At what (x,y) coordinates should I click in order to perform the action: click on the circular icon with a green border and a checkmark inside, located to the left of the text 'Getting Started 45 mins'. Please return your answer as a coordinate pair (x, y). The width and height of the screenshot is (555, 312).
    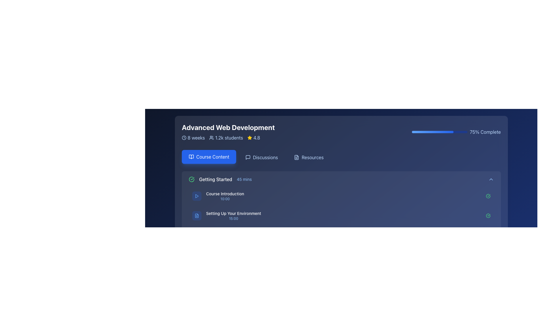
    Looking at the image, I should click on (191, 179).